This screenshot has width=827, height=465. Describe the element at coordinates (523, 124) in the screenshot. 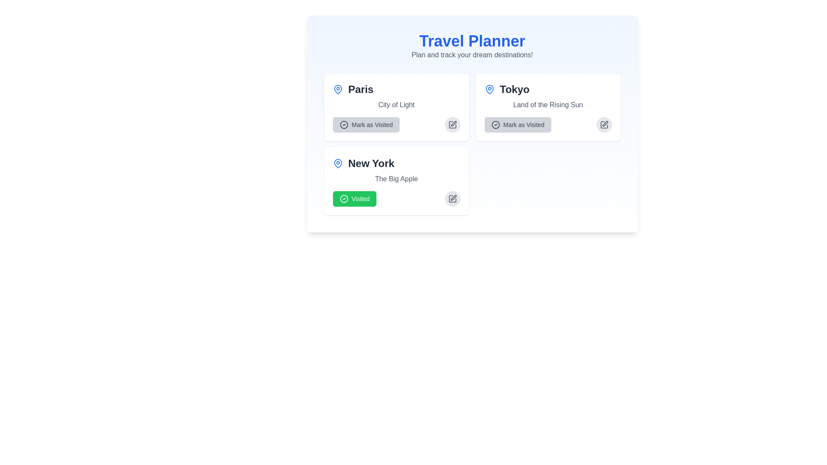

I see `the 'Mark as Visited' text label within the button under the Tokyo card` at that location.